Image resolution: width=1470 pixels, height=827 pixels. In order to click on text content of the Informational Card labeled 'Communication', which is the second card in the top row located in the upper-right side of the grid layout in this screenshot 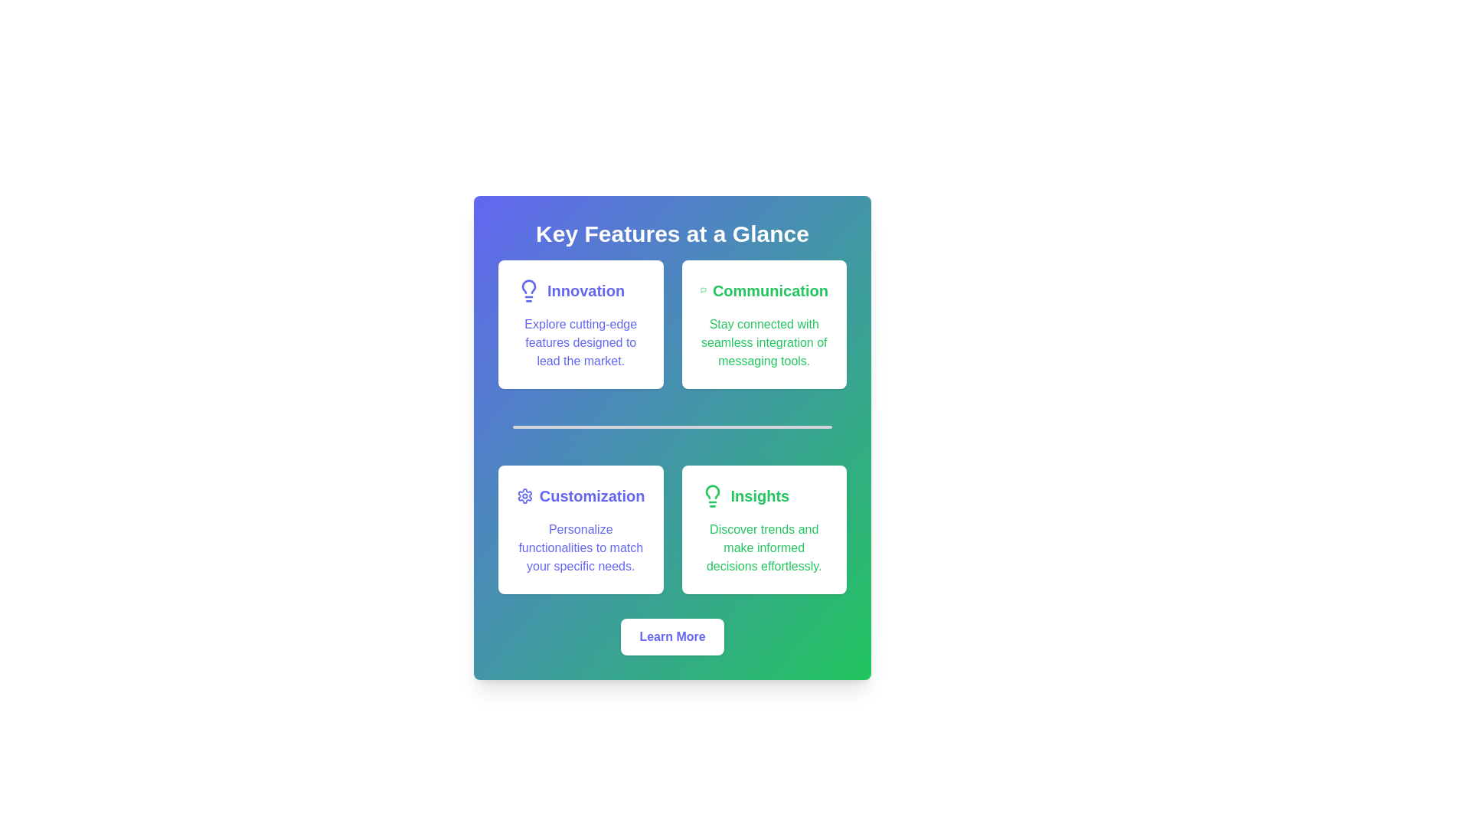, I will do `click(764, 324)`.